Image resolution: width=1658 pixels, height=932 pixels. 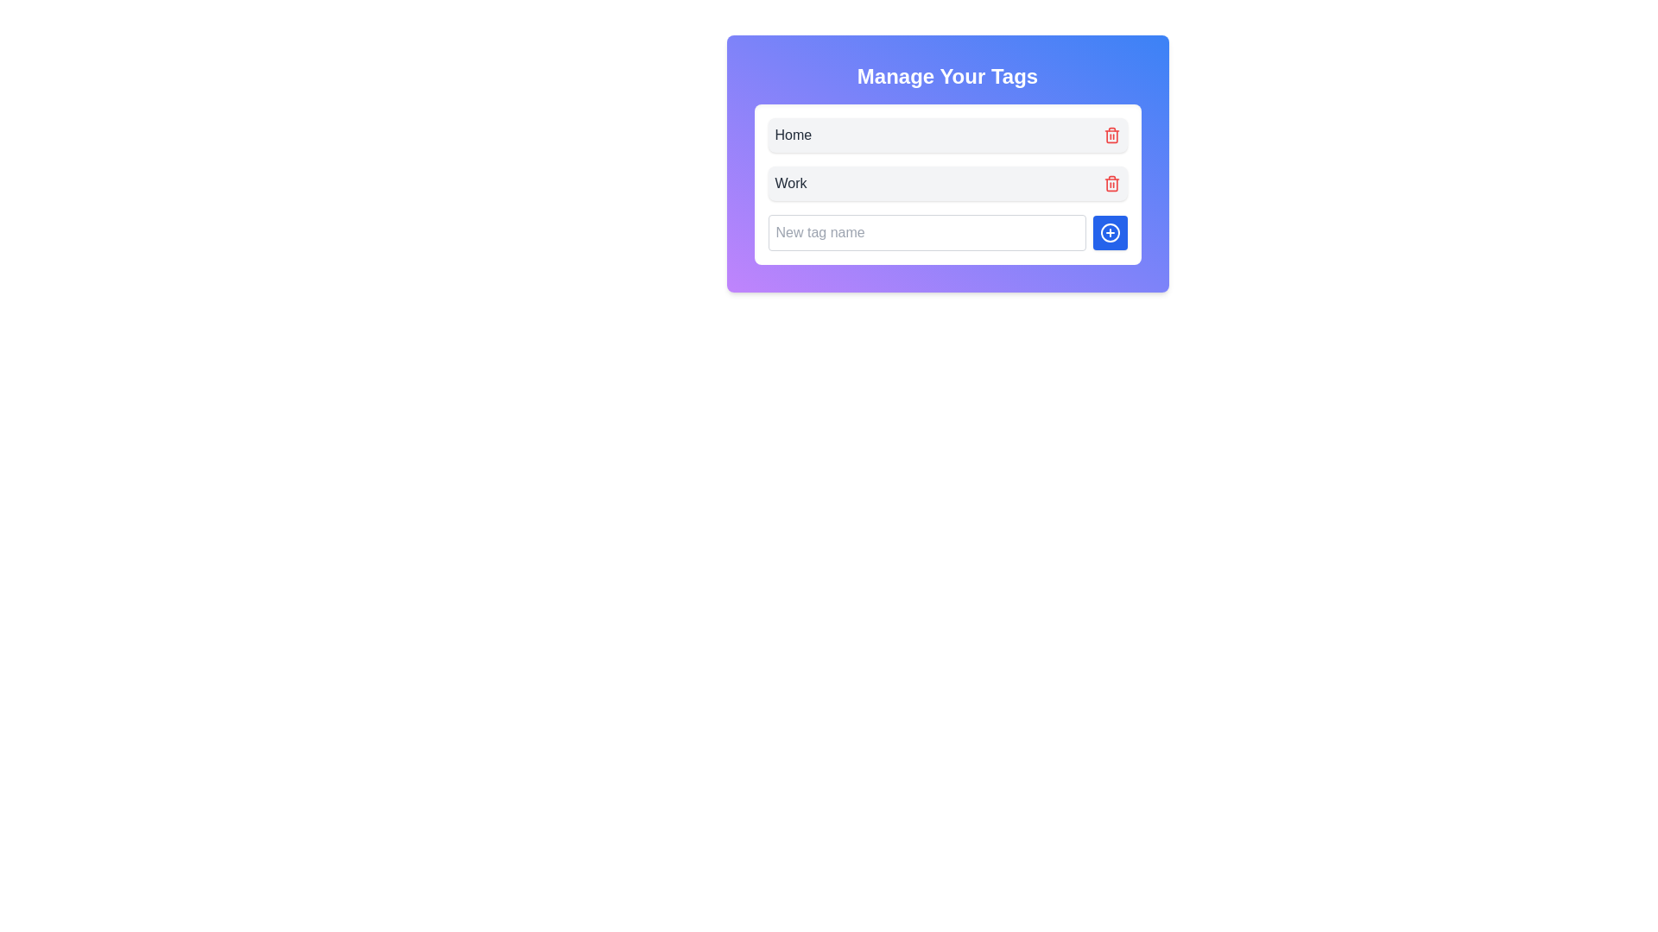 I want to click on the blue circular icon with a white border located at the bottom-right of the 'Manage Your Tags' box, adjacent to an input field, so click(x=1110, y=233).